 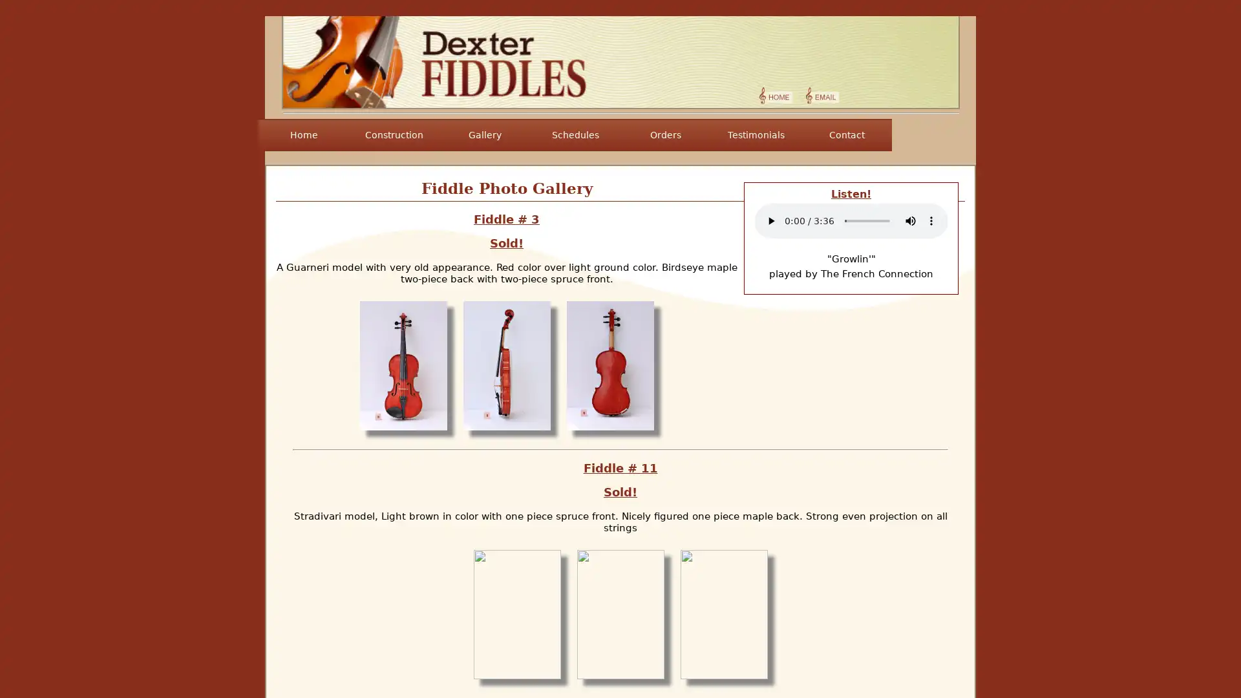 I want to click on mute, so click(x=910, y=219).